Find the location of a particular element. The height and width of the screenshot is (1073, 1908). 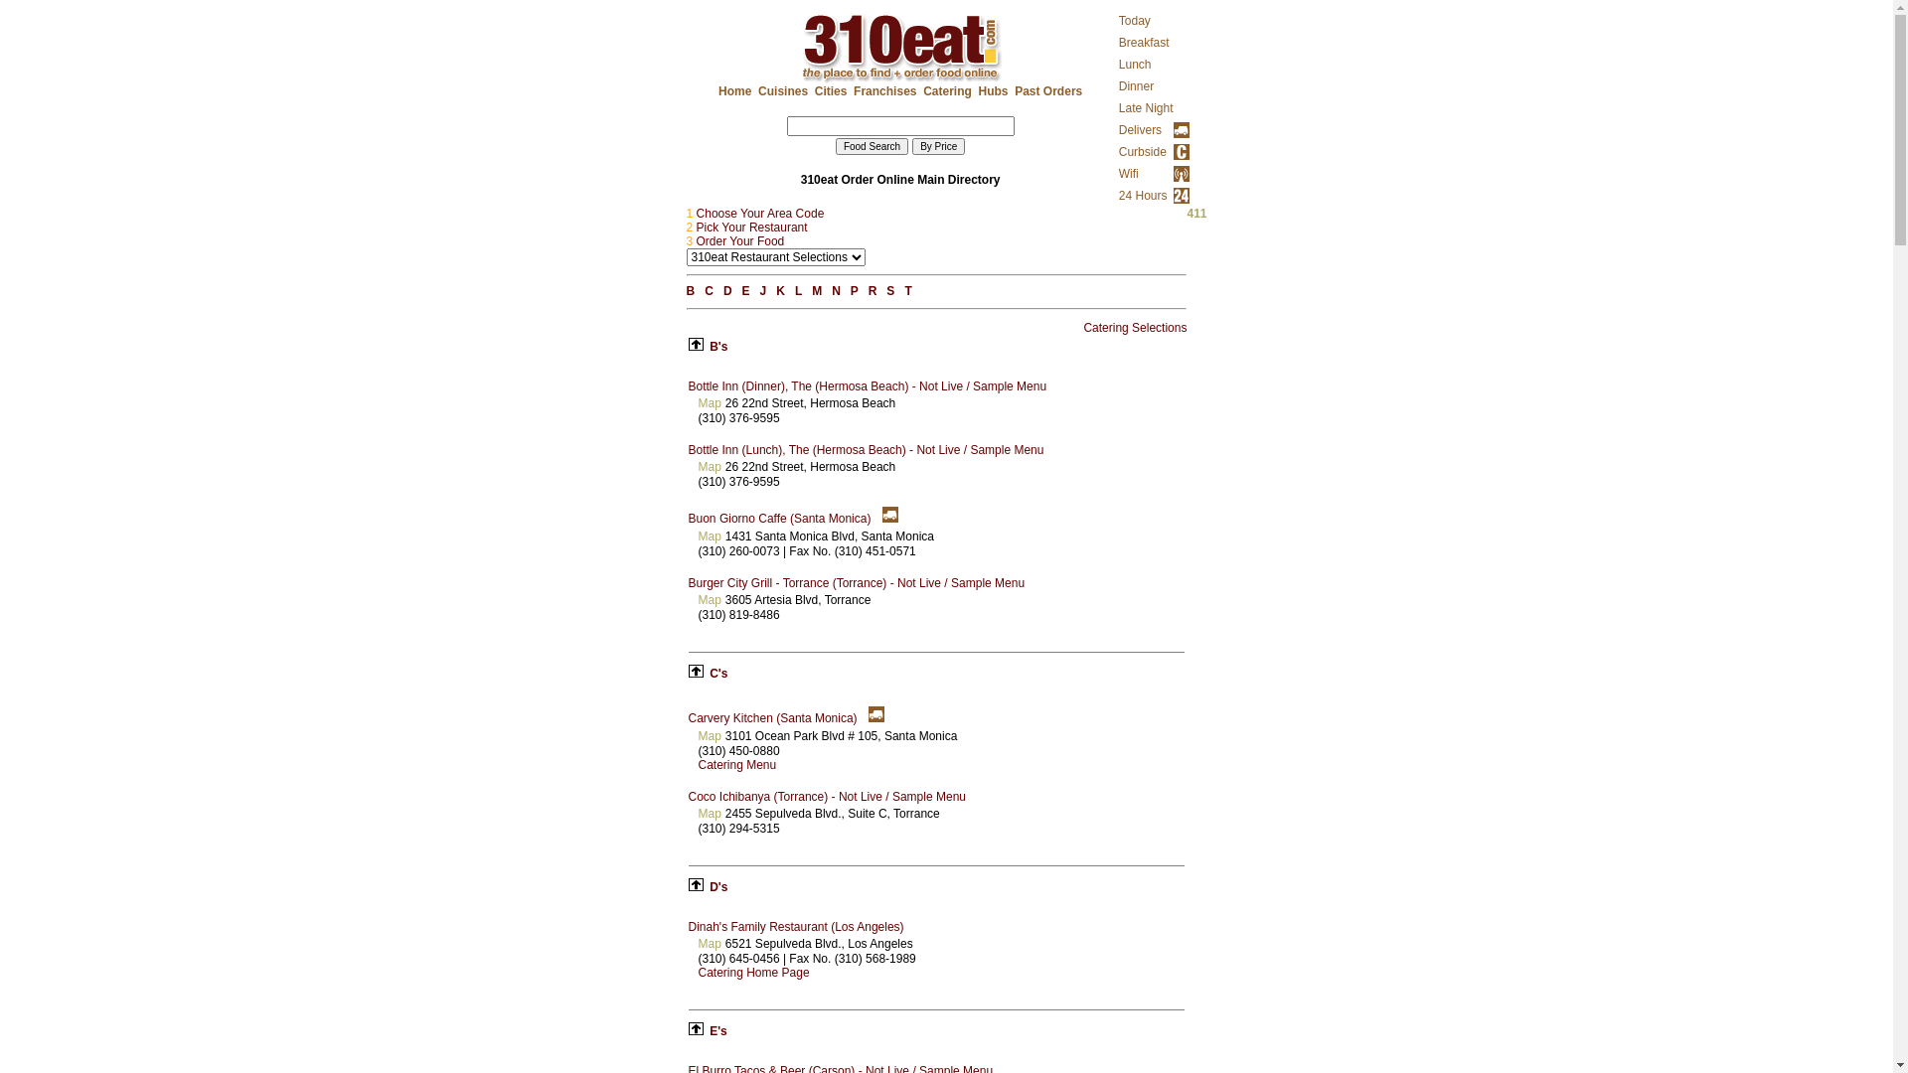

'Cuisines' is located at coordinates (781, 91).